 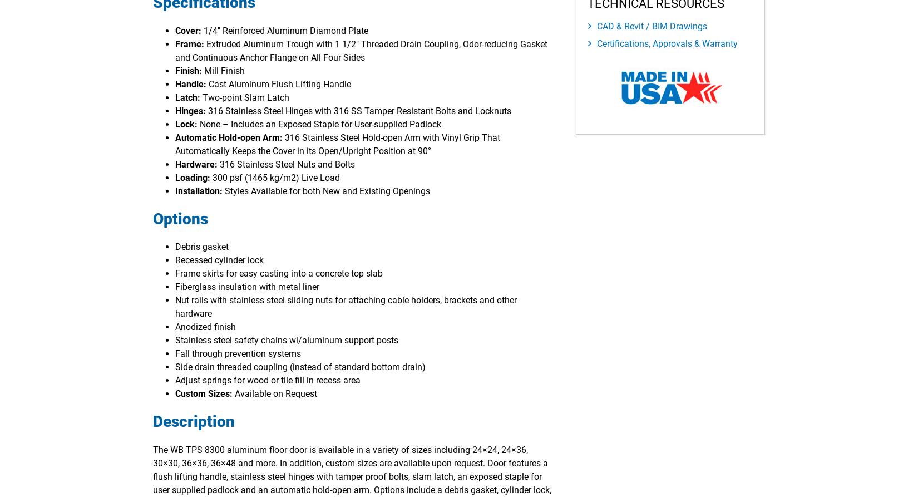 I want to click on 'Installation:', so click(x=200, y=190).